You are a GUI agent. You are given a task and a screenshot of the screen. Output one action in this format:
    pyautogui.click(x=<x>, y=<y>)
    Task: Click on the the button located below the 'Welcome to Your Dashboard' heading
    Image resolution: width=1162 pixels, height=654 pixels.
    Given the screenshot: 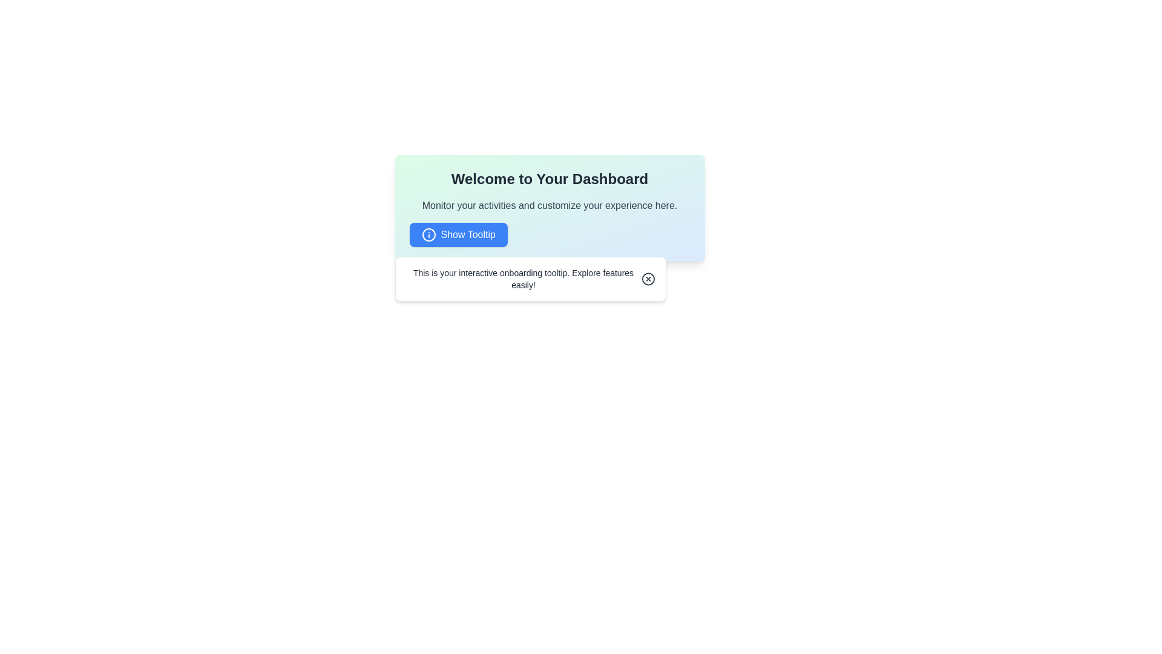 What is the action you would take?
    pyautogui.click(x=458, y=235)
    